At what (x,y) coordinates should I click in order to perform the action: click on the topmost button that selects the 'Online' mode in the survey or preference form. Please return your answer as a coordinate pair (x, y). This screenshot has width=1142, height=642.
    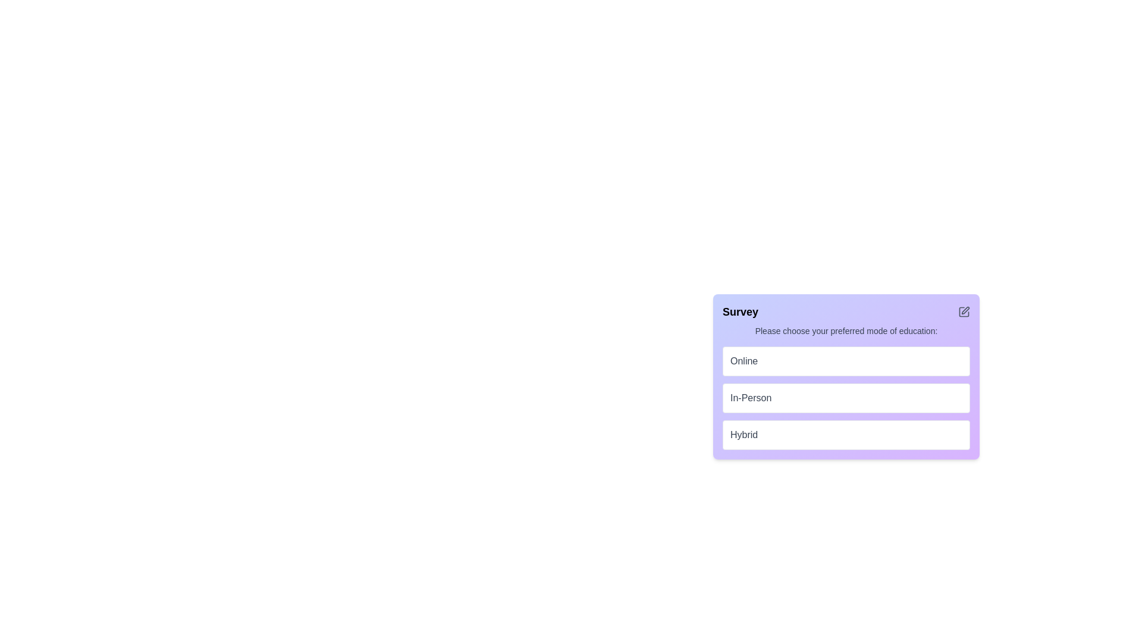
    Looking at the image, I should click on (845, 361).